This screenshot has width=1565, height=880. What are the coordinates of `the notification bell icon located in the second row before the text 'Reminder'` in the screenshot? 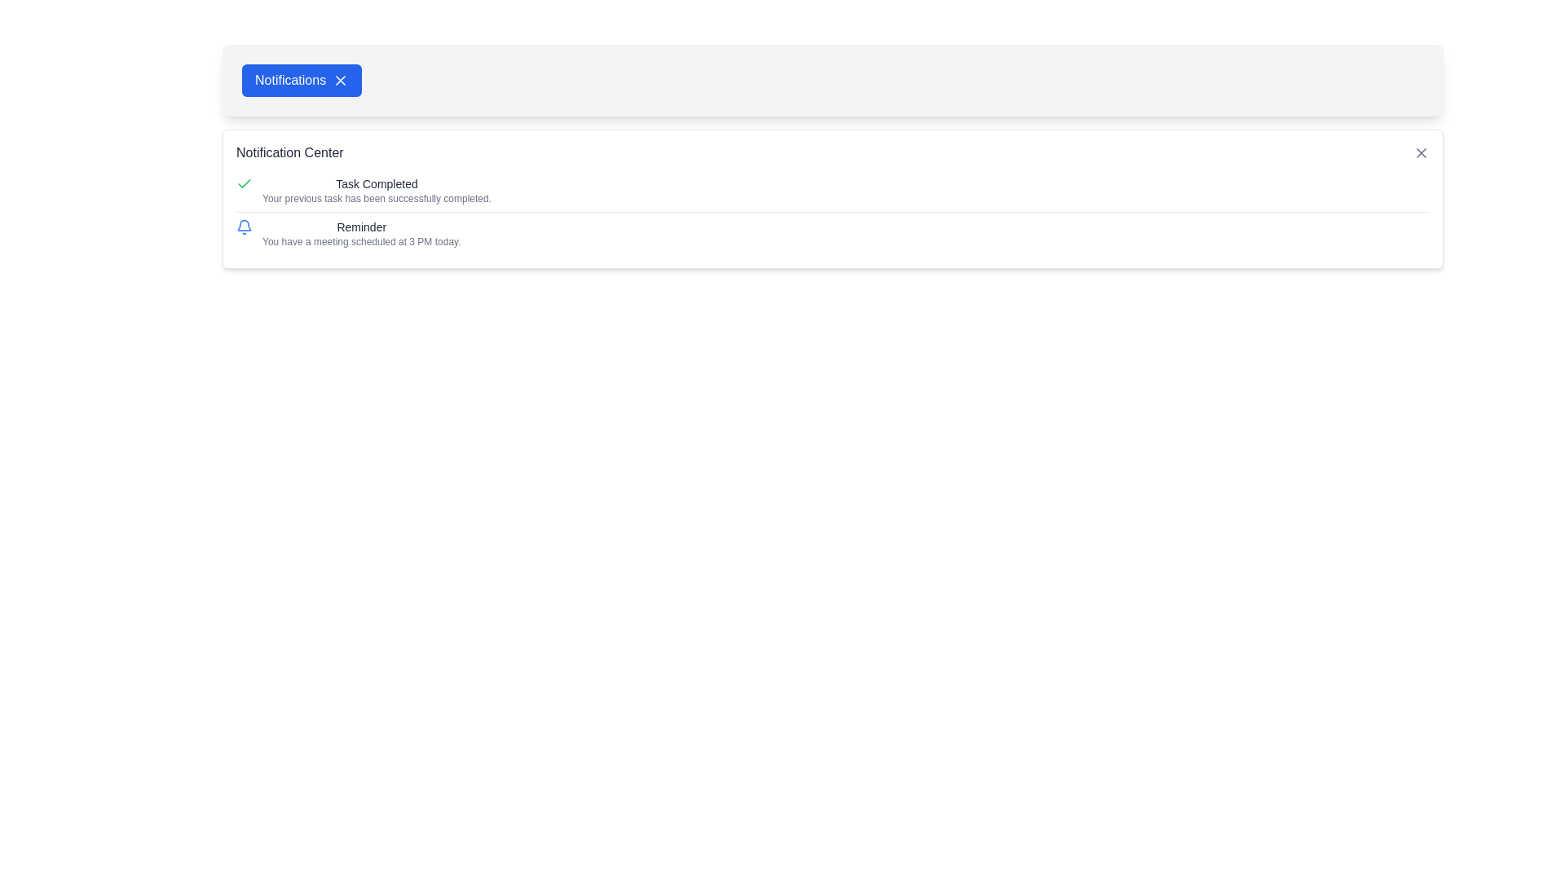 It's located at (243, 227).